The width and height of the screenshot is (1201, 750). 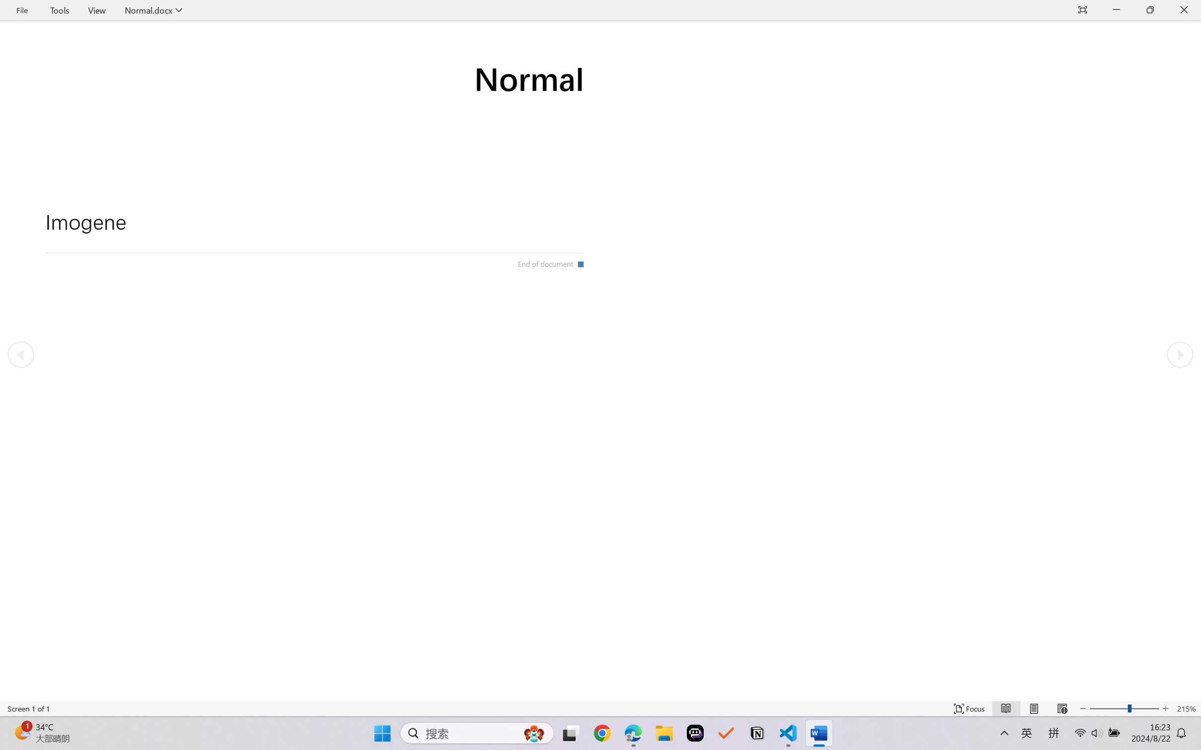 What do you see at coordinates (1125, 708) in the screenshot?
I see `'Text Size'` at bounding box center [1125, 708].